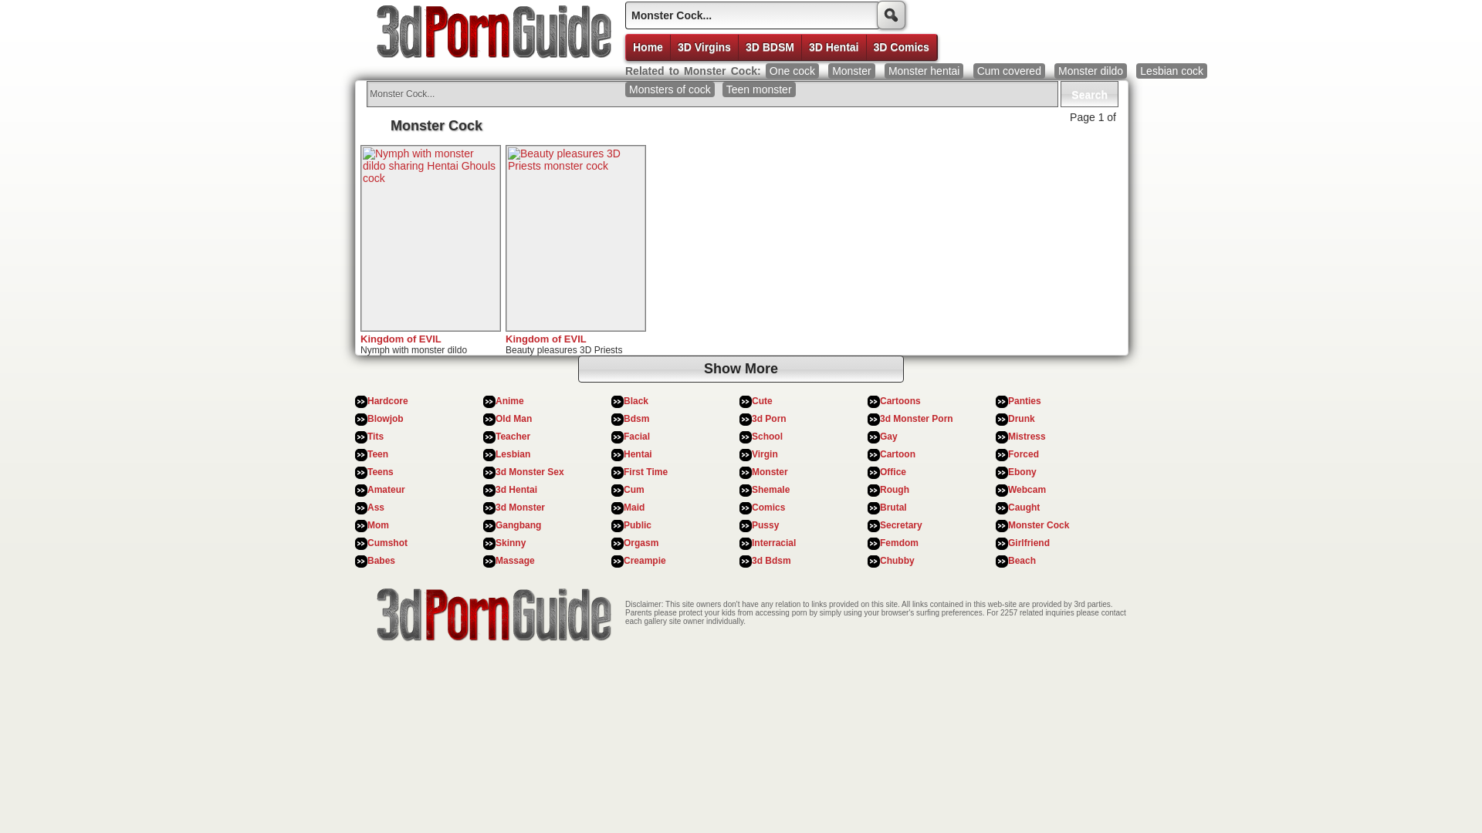 Image resolution: width=1482 pixels, height=833 pixels. Describe the element at coordinates (770, 46) in the screenshot. I see `'3D BDSM'` at that location.